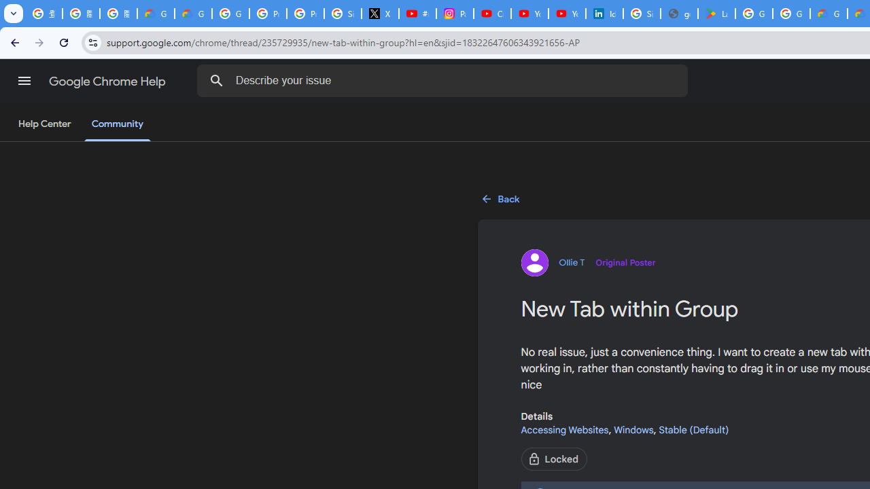 The width and height of the screenshot is (870, 489). I want to click on 'Windows', so click(633, 429).